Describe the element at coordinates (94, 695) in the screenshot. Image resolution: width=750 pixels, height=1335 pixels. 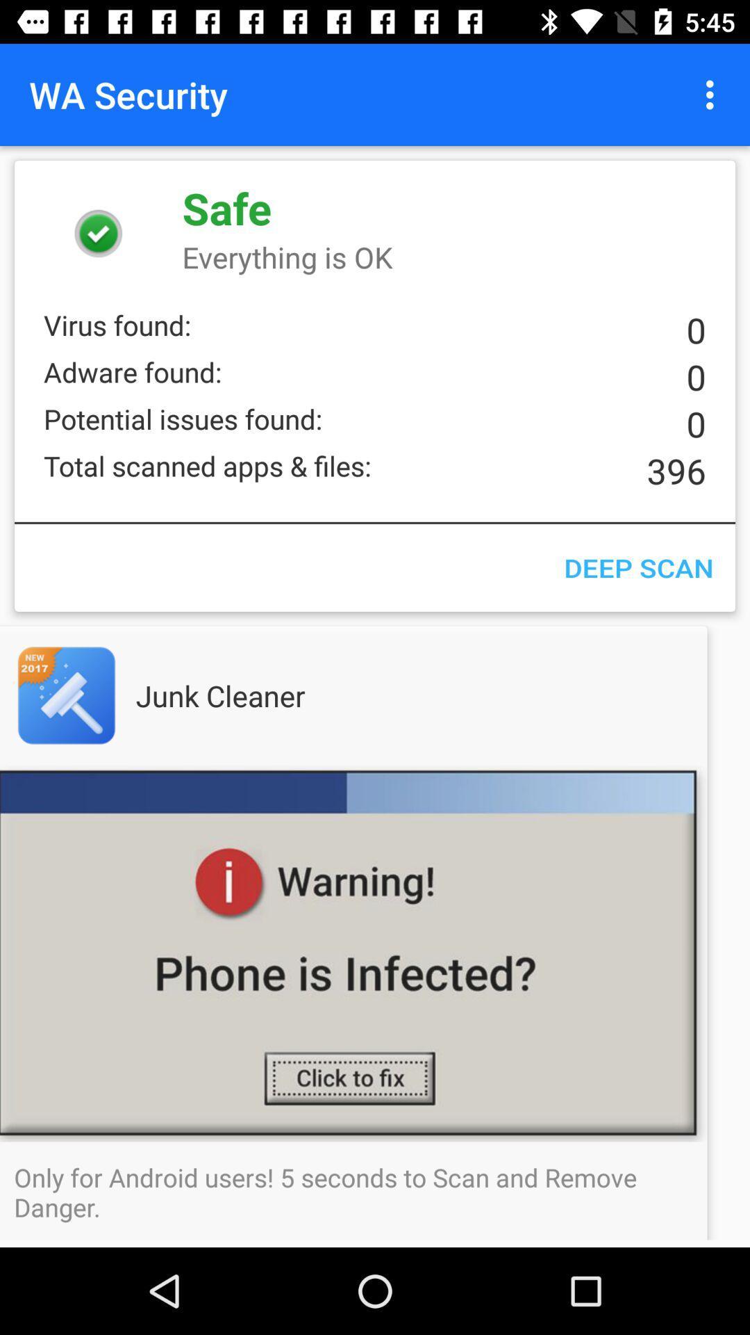
I see `open advertisement` at that location.